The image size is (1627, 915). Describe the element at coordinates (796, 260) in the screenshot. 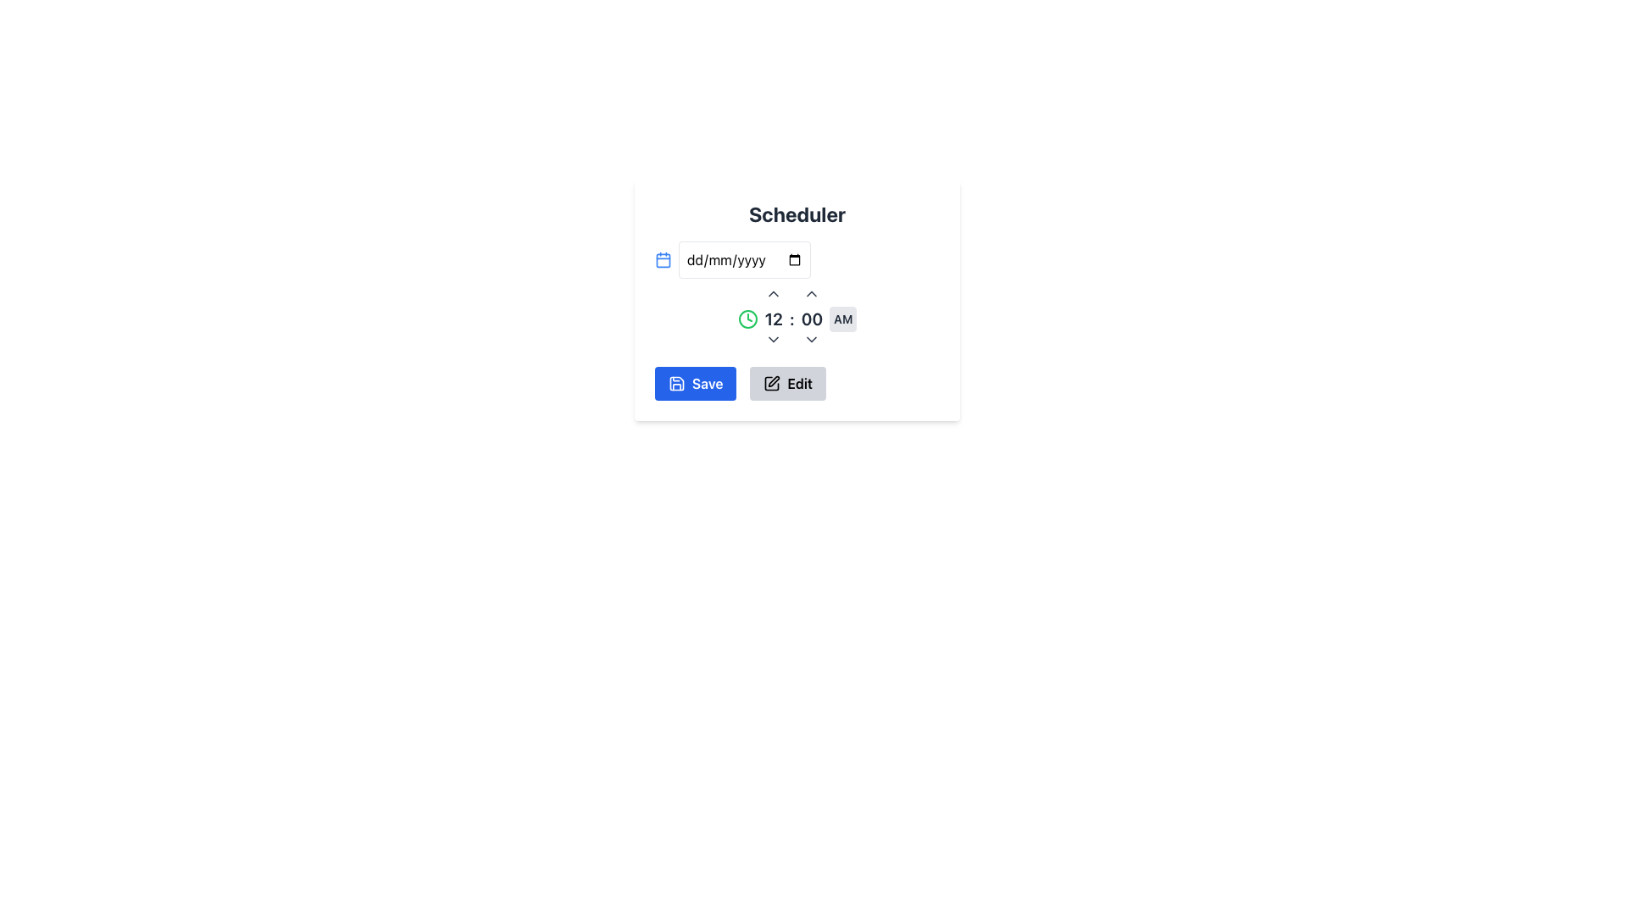

I see `a date via the calendar interface from the Input Field with Icon located in the 'Scheduler' section above the time selection row` at that location.